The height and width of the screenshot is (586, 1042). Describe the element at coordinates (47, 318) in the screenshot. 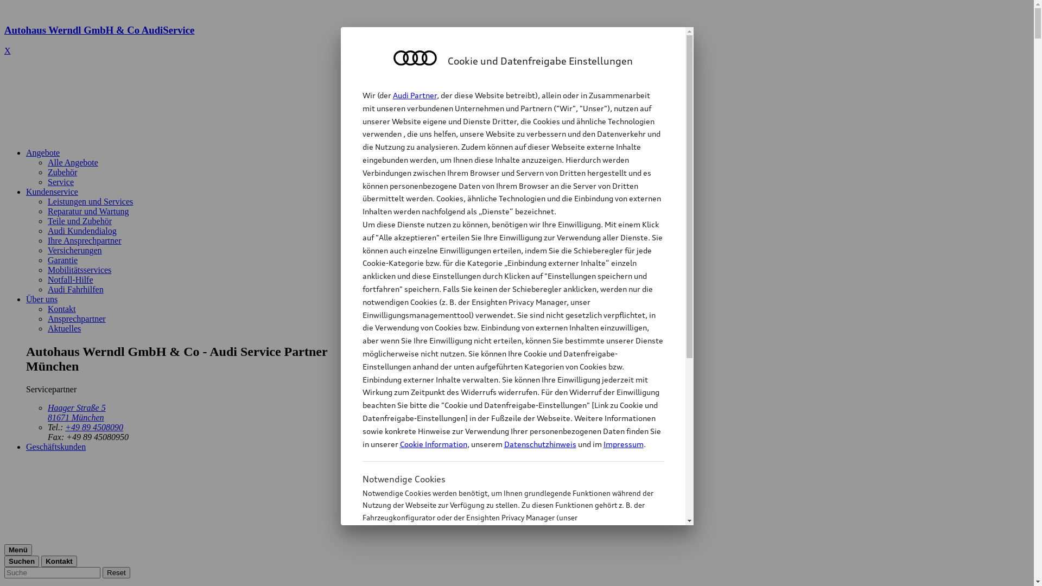

I see `'Ansprechpartner'` at that location.